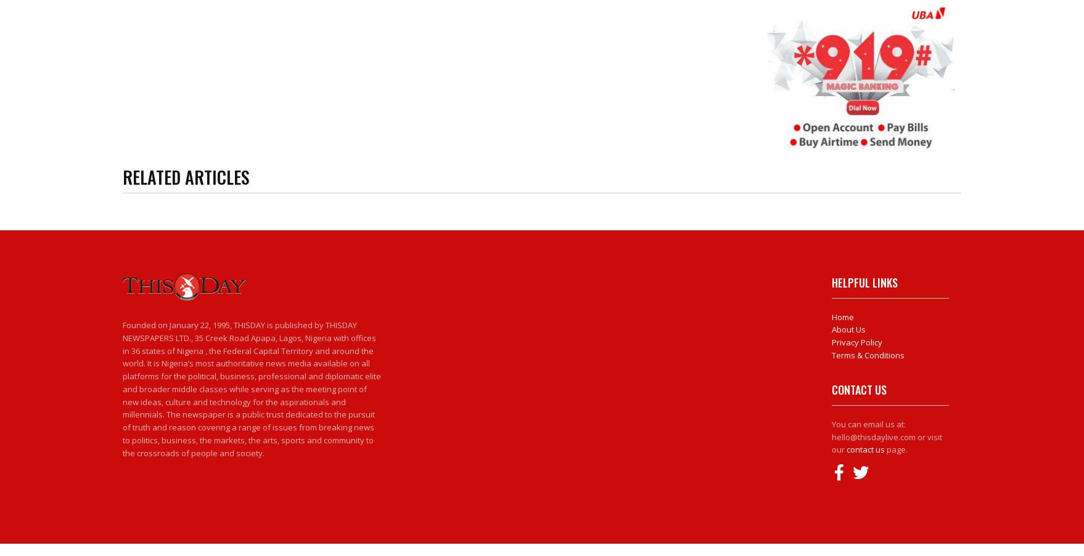 The image size is (1084, 556). Describe the element at coordinates (252, 389) in the screenshot. I see `'Founded on January 22, 1995, THISDAY is published by THISDAY NEWSPAPERS LTD., 35 Creek Road Apapa, Lagos, Nigeria with offices in 36 states of Nigeria , the Federal Capital Territory and around the world. It is Nigeria’s most authoritative news media available on all platforms for the political, business, professional and diplomatic elite and broader middle classes while serving as the meeting point of new ideas, culture and technology for the aspirationals and millennials. The newspaper is a public trust dedicated to the pursuit of truth and reason covering a range of issues from breaking news to politics, business, the markets, the arts, sports and community to the crossroads of people and society.'` at that location.